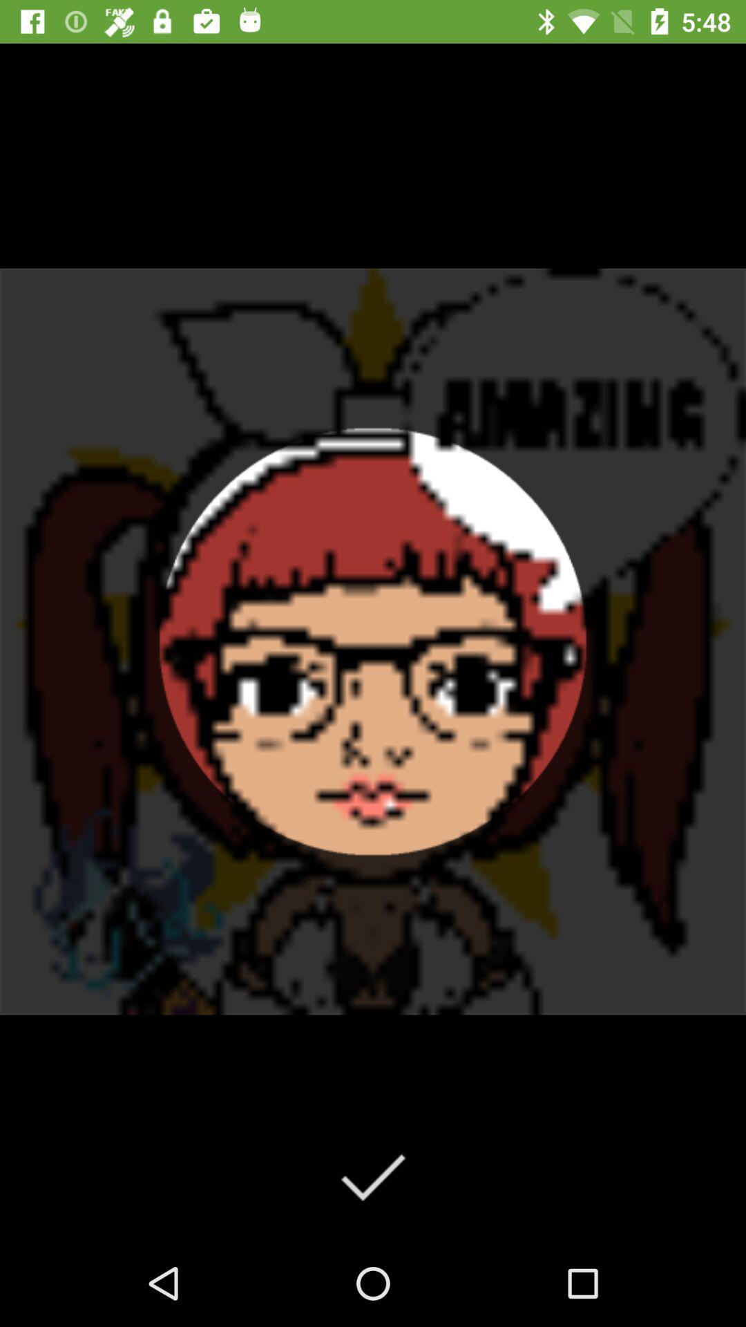  I want to click on the check icon, so click(372, 1176).